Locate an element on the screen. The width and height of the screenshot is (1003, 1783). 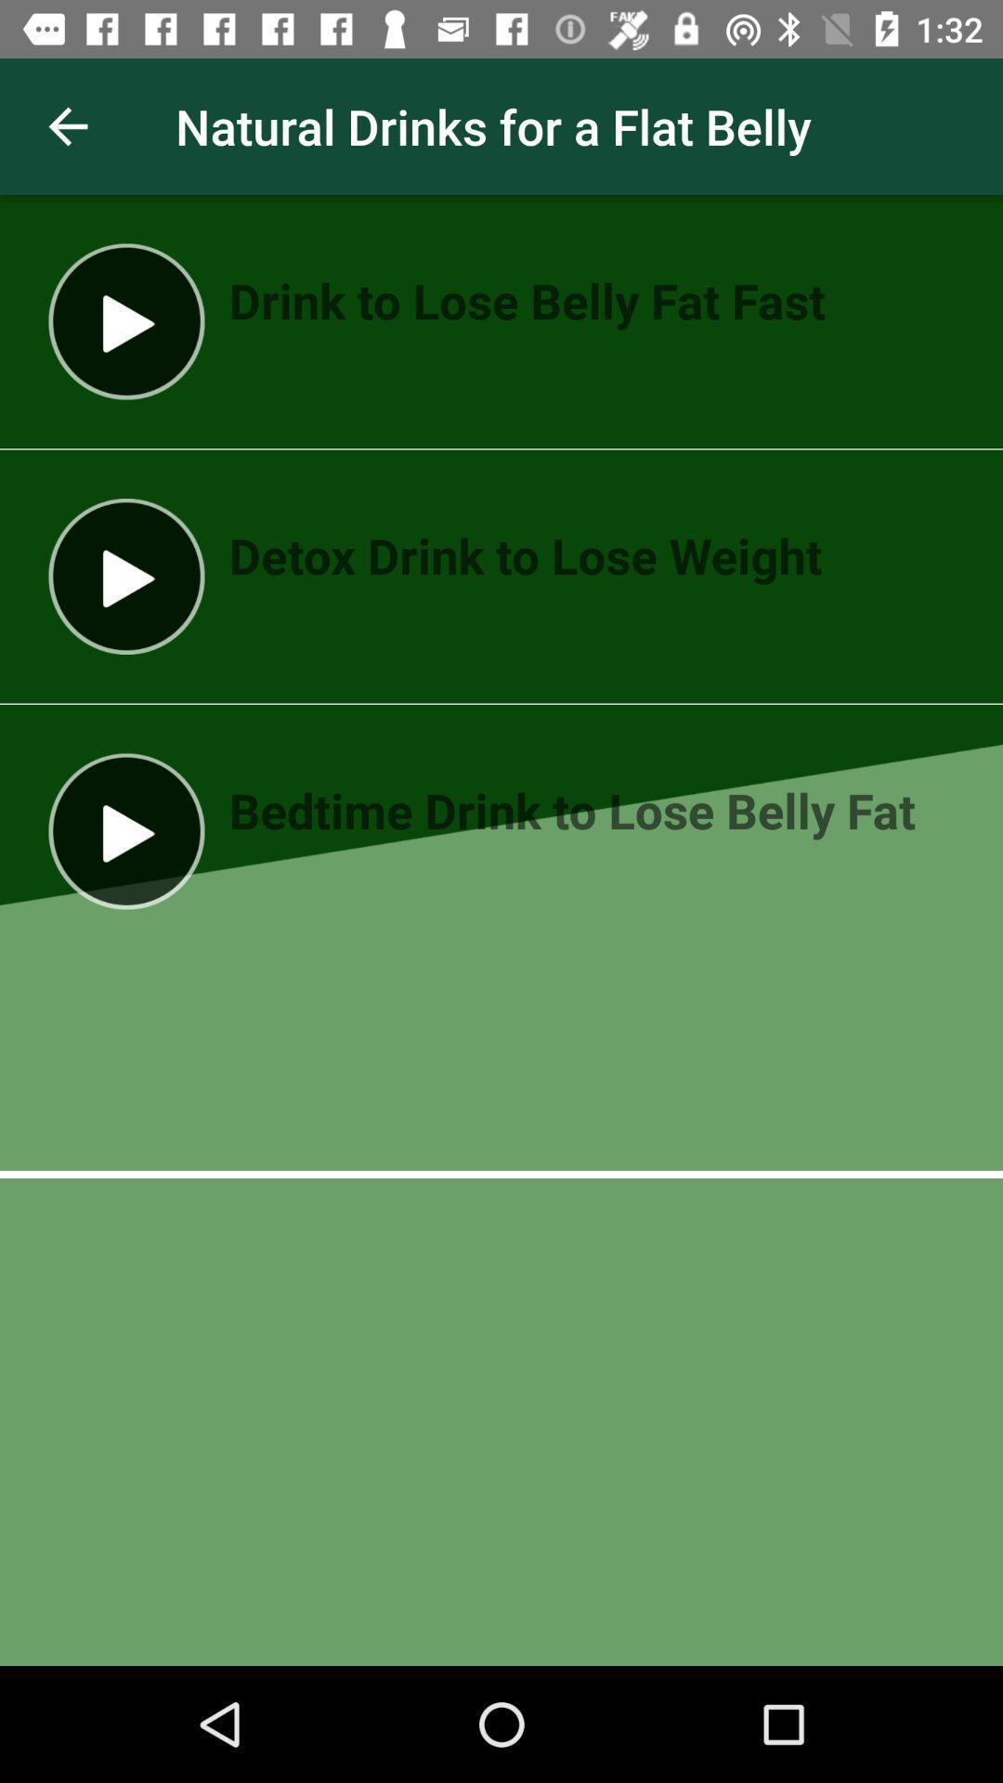
the icon next to natural drinks for item is located at coordinates (67, 125).